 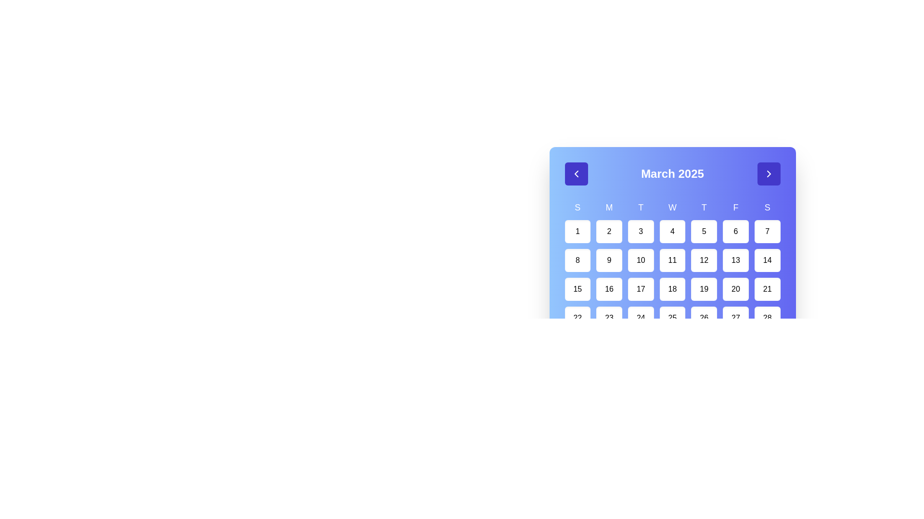 I want to click on the bold white letter 'F' on a purple background, which is the sixth item in a sequence of day initials in the week grid interface, so click(x=735, y=207).